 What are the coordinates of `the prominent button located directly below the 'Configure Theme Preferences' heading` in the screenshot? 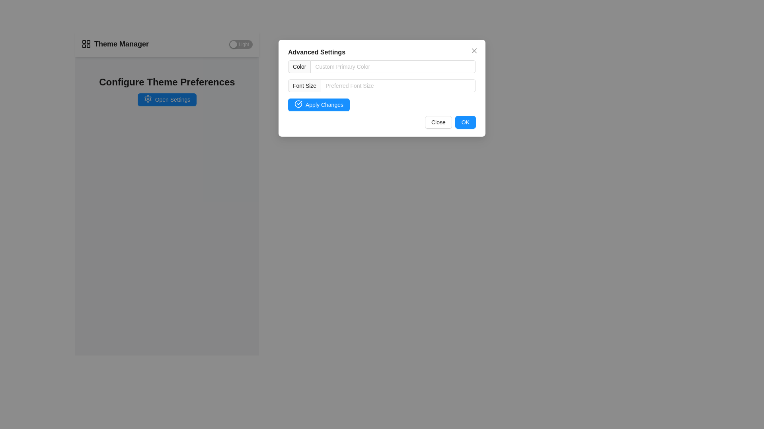 It's located at (167, 99).